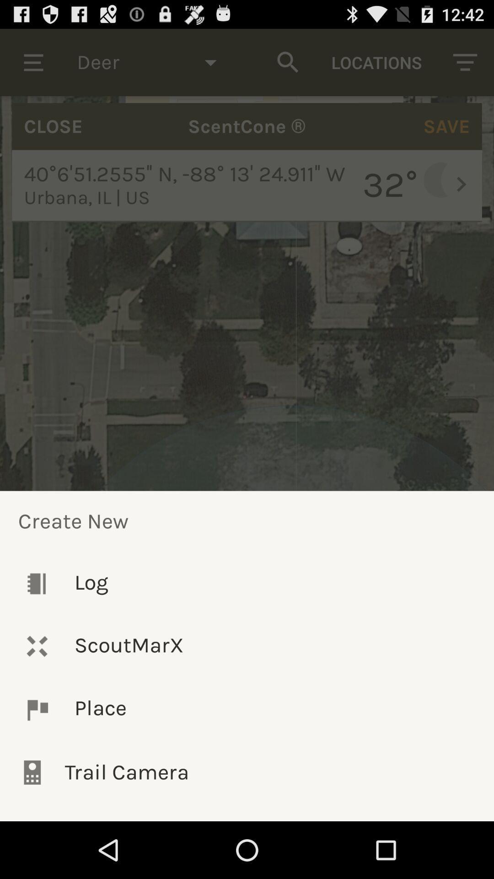 The image size is (494, 879). I want to click on the log icon, so click(247, 583).